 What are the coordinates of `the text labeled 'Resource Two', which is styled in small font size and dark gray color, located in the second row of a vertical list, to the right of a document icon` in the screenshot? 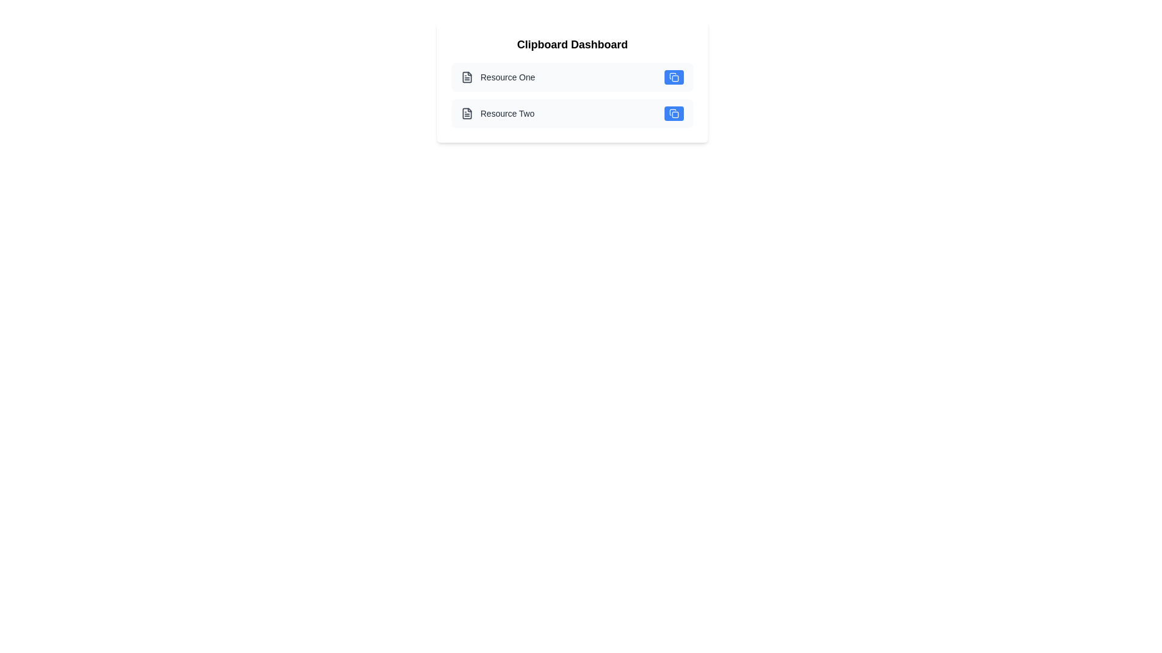 It's located at (507, 114).